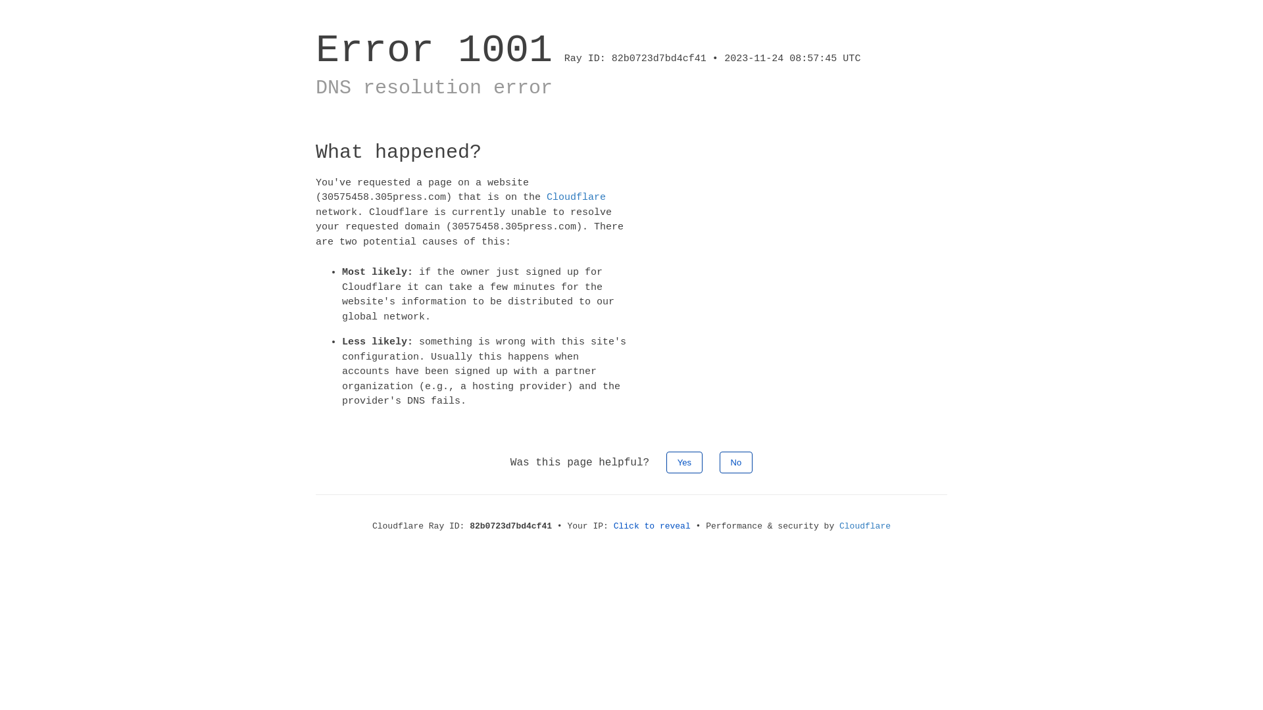 The image size is (1263, 710). What do you see at coordinates (865, 525) in the screenshot?
I see `'Cloudflare'` at bounding box center [865, 525].